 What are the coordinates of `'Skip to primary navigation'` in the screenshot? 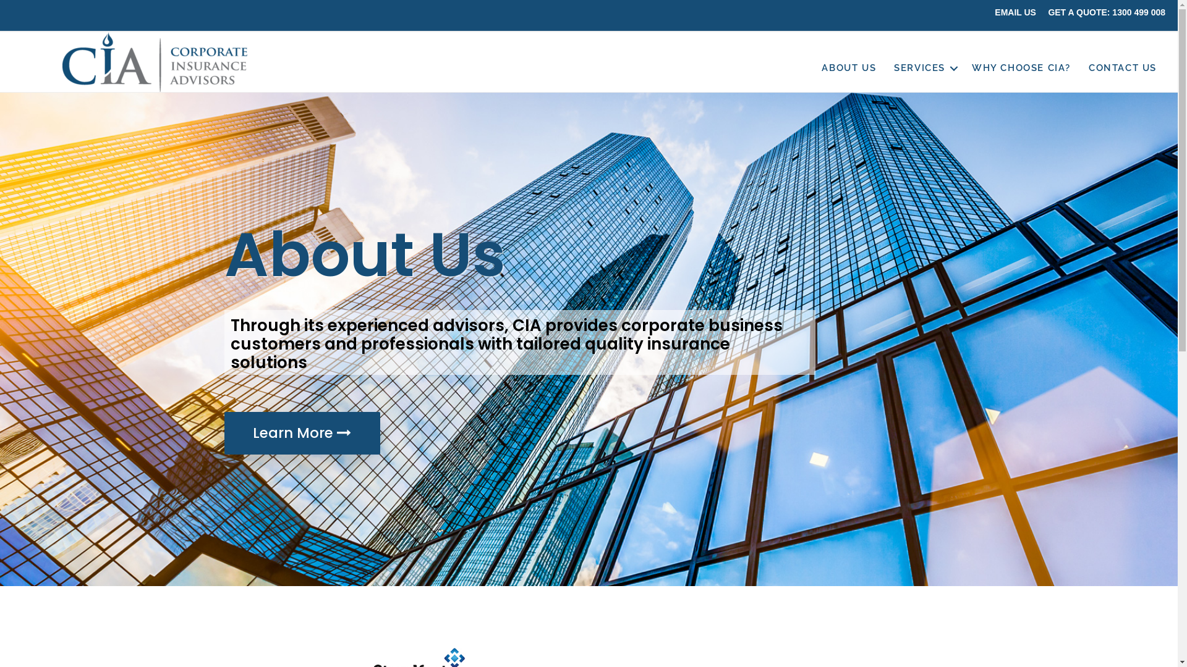 It's located at (0, 0).